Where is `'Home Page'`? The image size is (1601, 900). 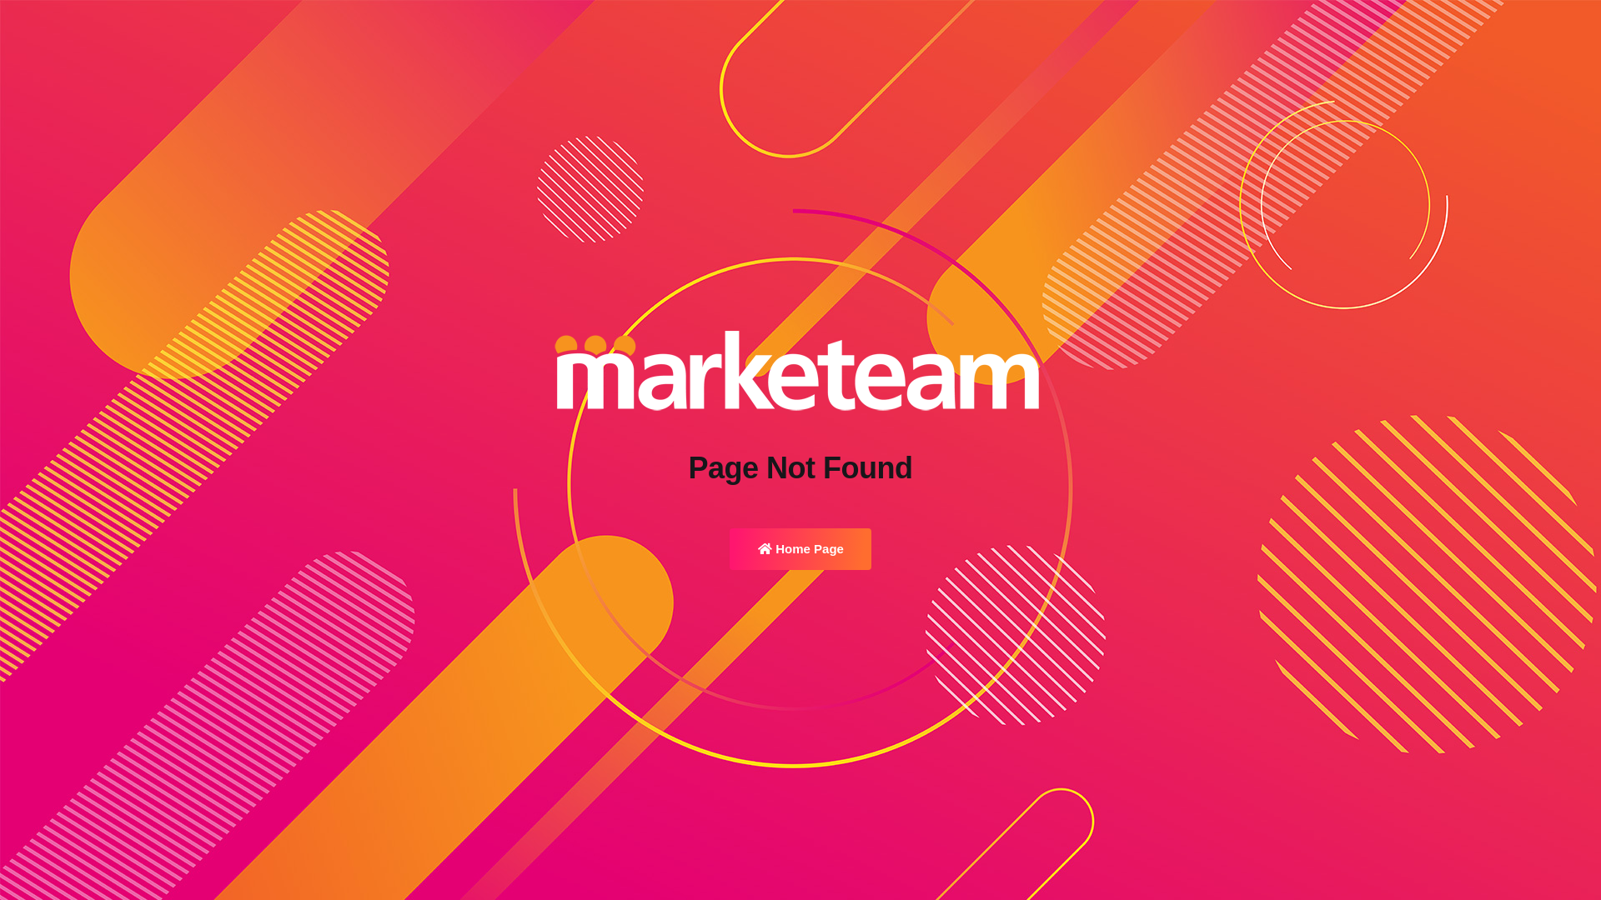 'Home Page' is located at coordinates (800, 549).